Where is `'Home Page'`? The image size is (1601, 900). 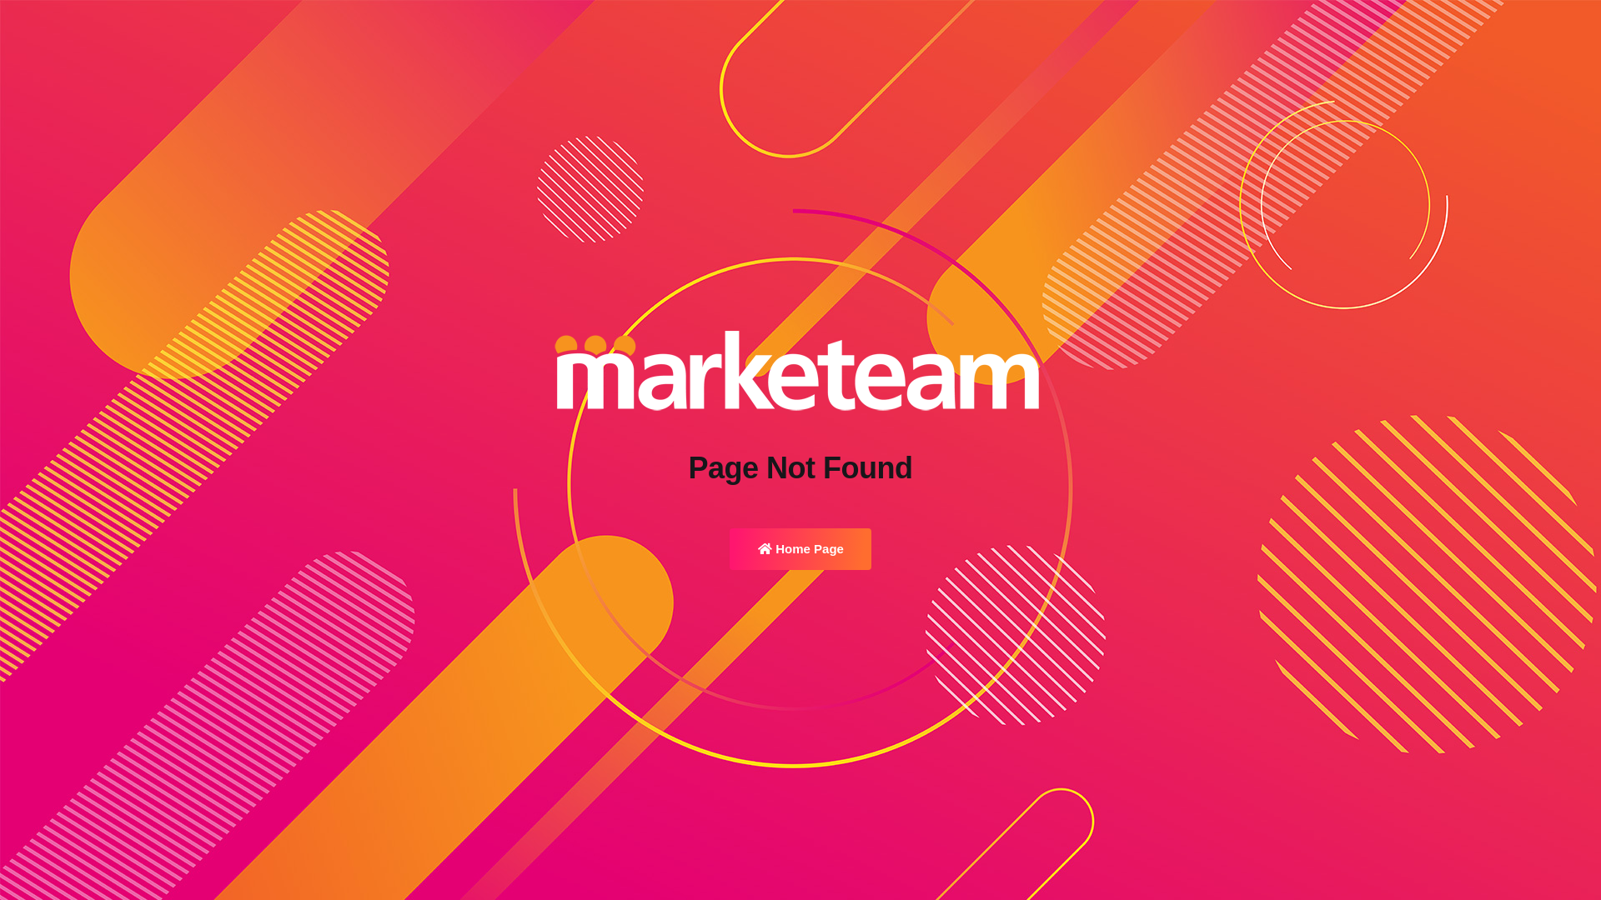 'Home Page' is located at coordinates (800, 549).